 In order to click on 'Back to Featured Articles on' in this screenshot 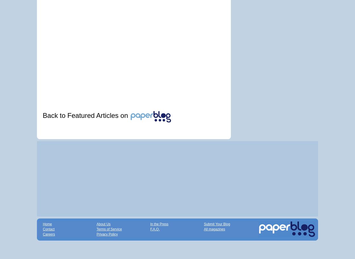, I will do `click(86, 115)`.